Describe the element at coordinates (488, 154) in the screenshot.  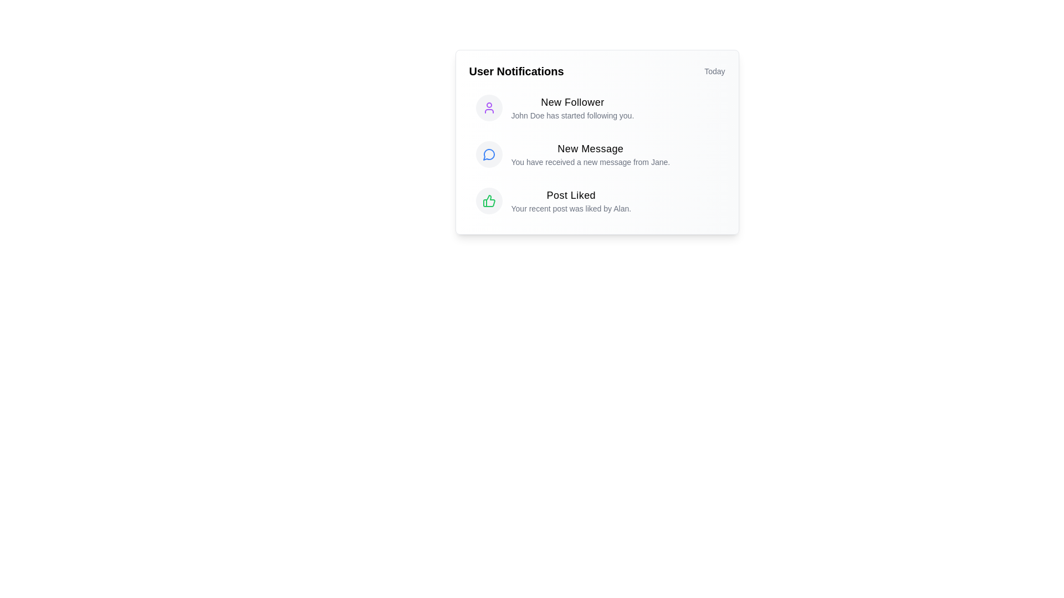
I see `the message notification icon, which is the second icon in the list, positioned between the purple person icon above and the green thumbs-up icon below` at that location.